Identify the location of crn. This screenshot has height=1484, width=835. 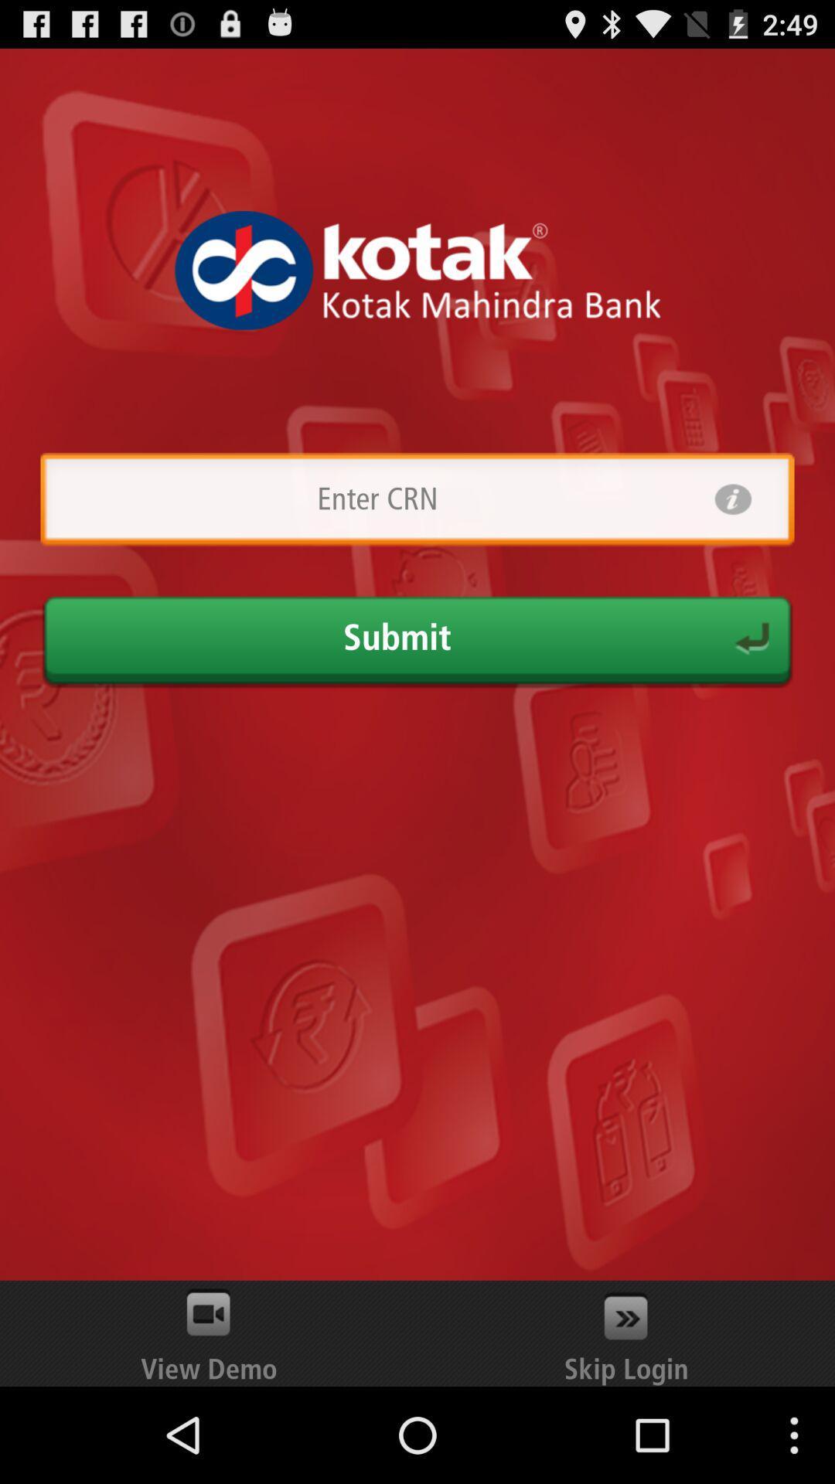
(377, 499).